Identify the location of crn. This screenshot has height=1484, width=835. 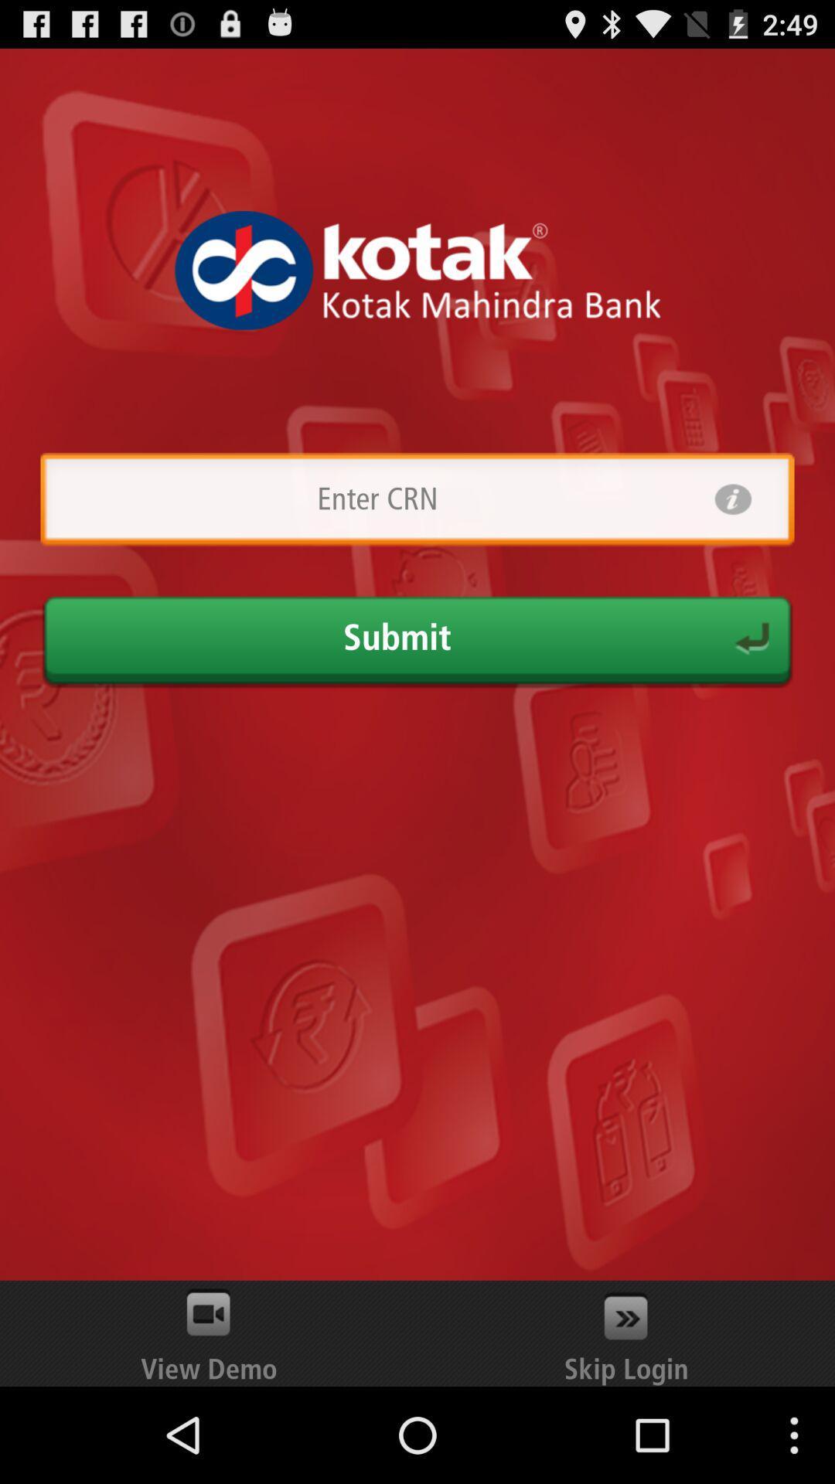
(377, 499).